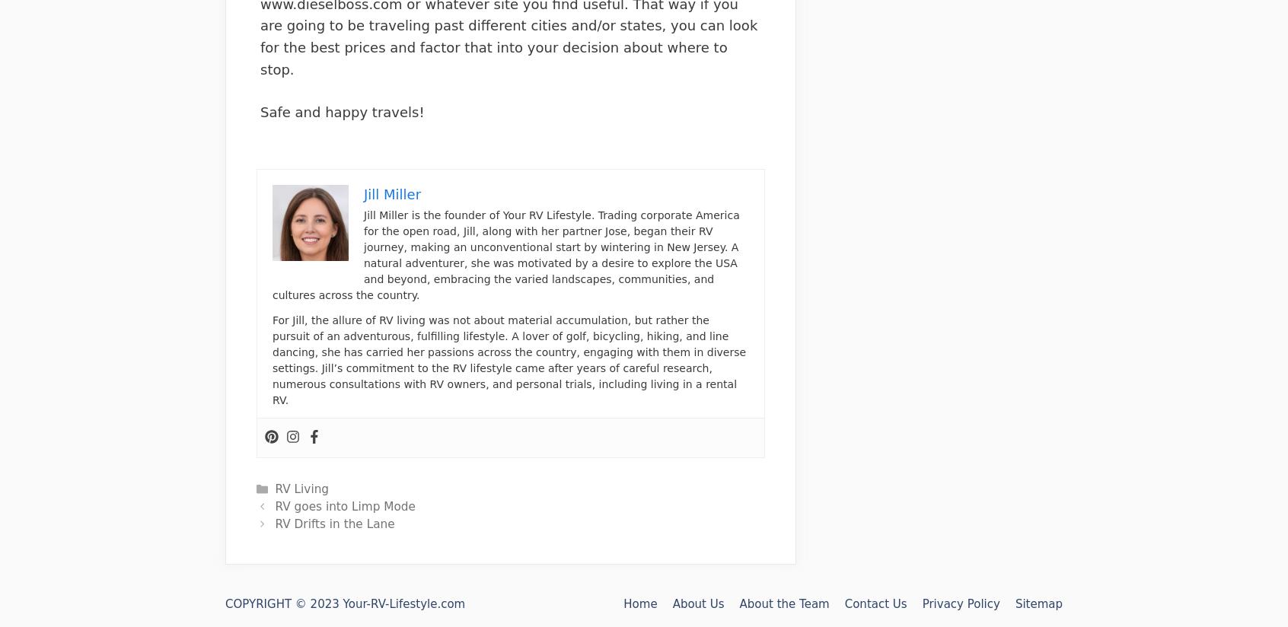 Image resolution: width=1288 pixels, height=627 pixels. Describe the element at coordinates (333, 524) in the screenshot. I see `'RV Drifts in the Lane'` at that location.